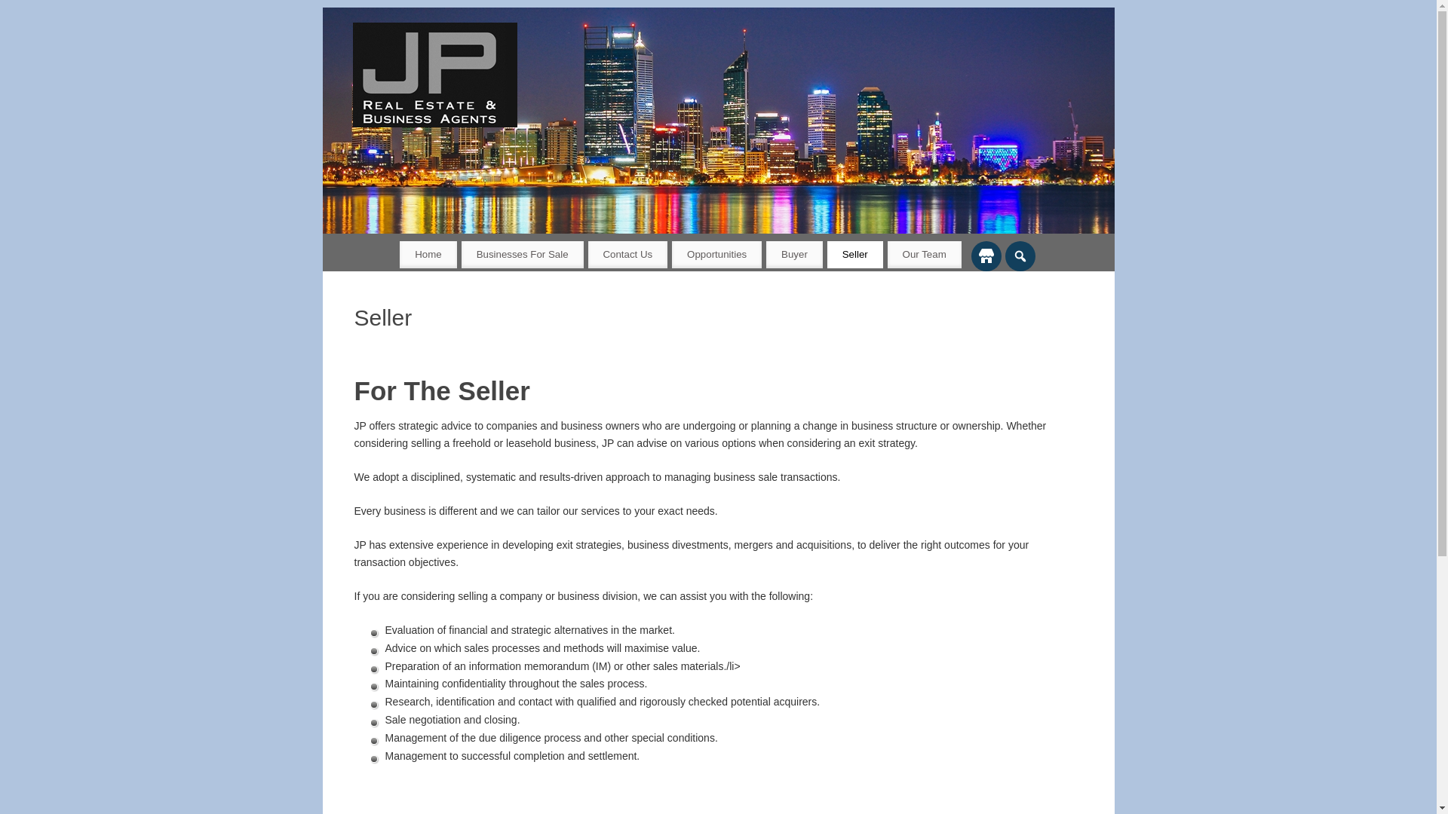  I want to click on 'Opportunities', so click(671, 254).